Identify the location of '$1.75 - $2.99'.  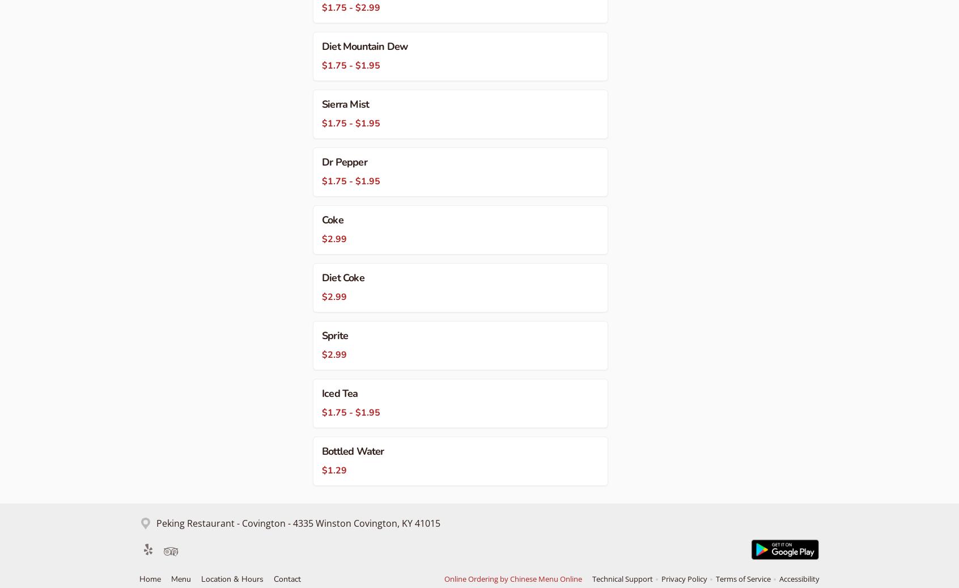
(350, 6).